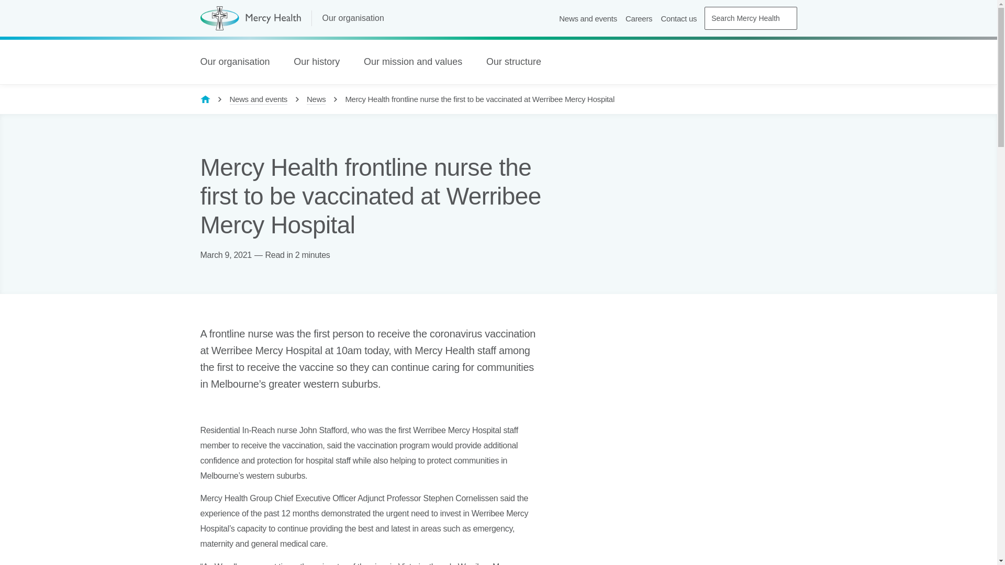 This screenshot has width=1005, height=565. What do you see at coordinates (258, 99) in the screenshot?
I see `'News and events'` at bounding box center [258, 99].